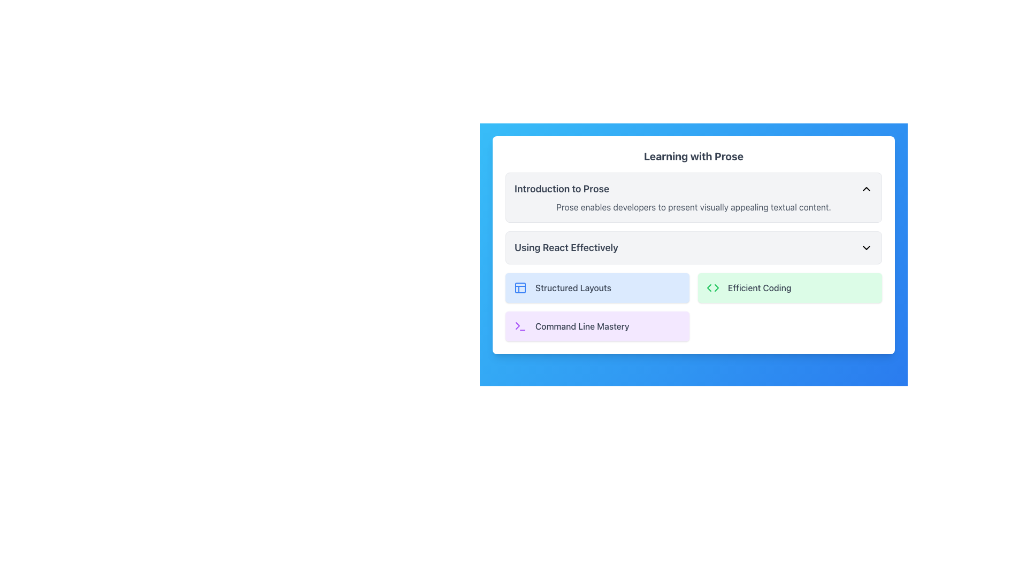 This screenshot has height=577, width=1027. I want to click on the 'Structured Layouts' button, so click(520, 287).